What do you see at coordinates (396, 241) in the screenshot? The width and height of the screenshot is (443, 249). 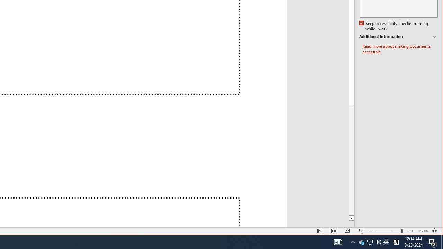 I see `'Tray Input Indicator - Chinese (Simplified, China)'` at bounding box center [396, 241].